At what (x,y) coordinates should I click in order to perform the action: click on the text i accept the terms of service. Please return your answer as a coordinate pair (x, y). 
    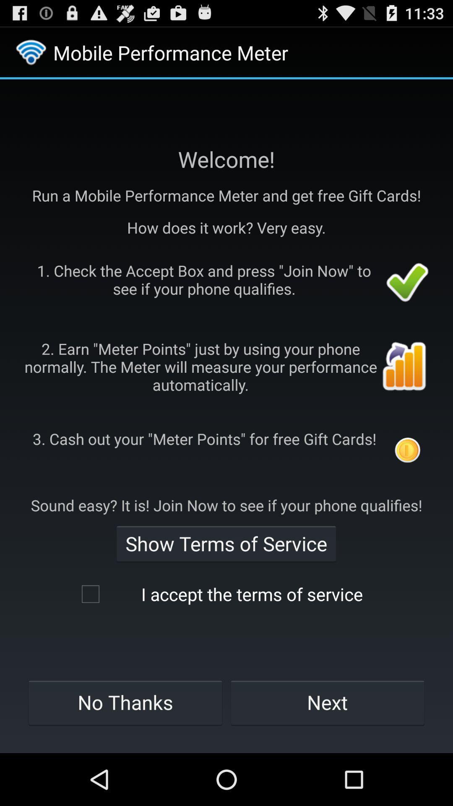
    Looking at the image, I should click on (226, 594).